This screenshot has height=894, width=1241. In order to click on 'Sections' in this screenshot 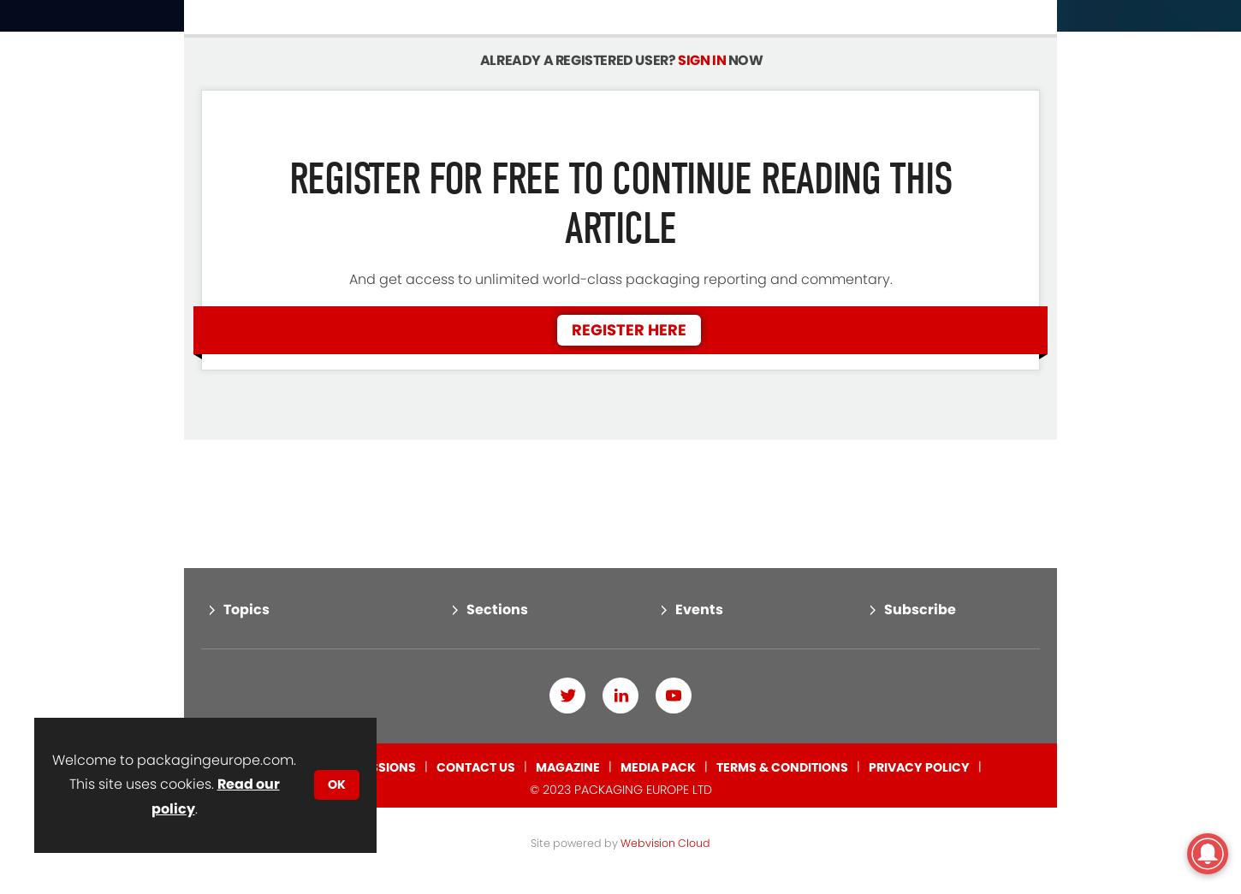, I will do `click(497, 537)`.